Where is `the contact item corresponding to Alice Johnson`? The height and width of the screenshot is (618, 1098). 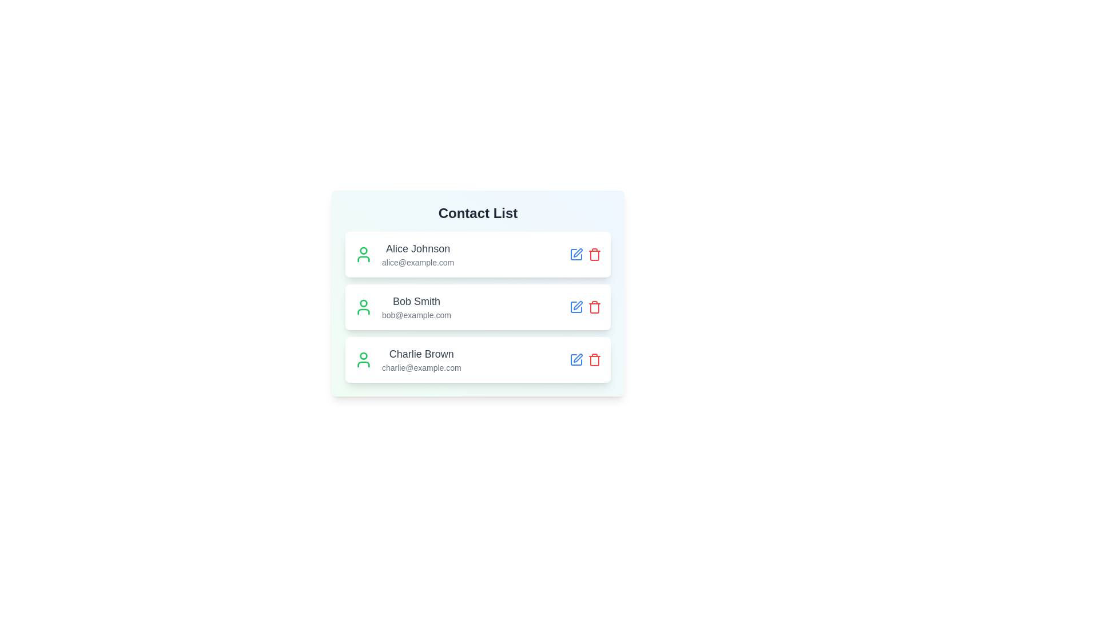
the contact item corresponding to Alice Johnson is located at coordinates (478, 253).